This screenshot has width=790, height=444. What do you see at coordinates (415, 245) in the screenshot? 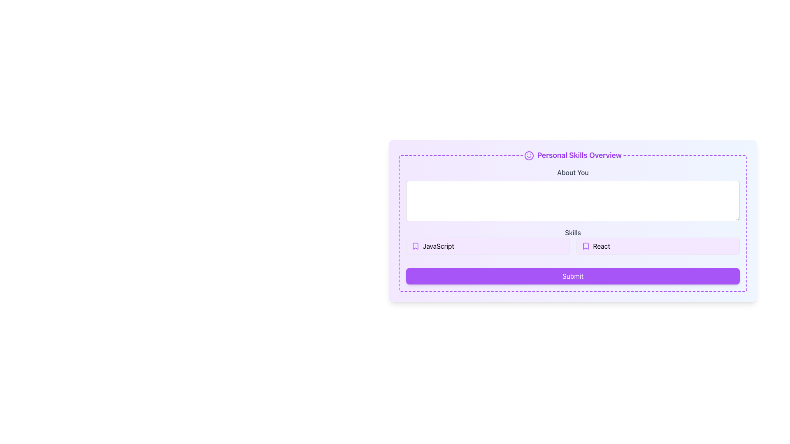
I see `the bookmark icon associated with the 'JavaScript' button in the 'Skills' section, which has a purple border and background` at bounding box center [415, 245].